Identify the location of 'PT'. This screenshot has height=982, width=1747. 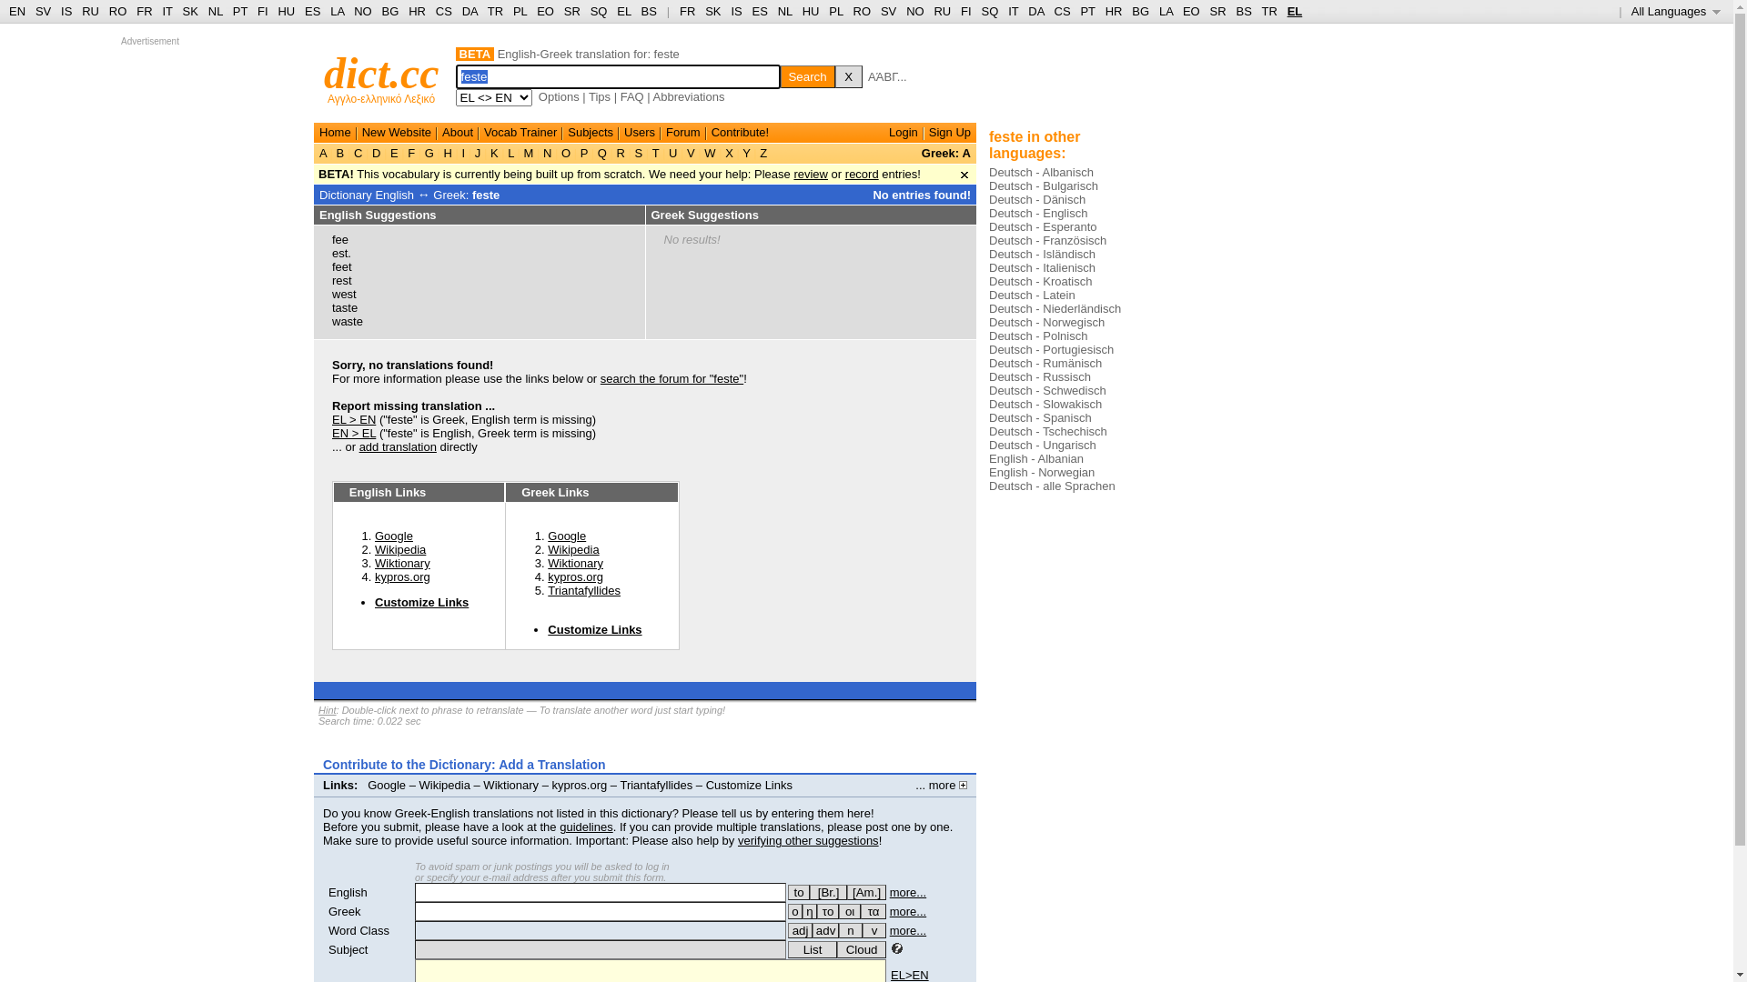
(1079, 11).